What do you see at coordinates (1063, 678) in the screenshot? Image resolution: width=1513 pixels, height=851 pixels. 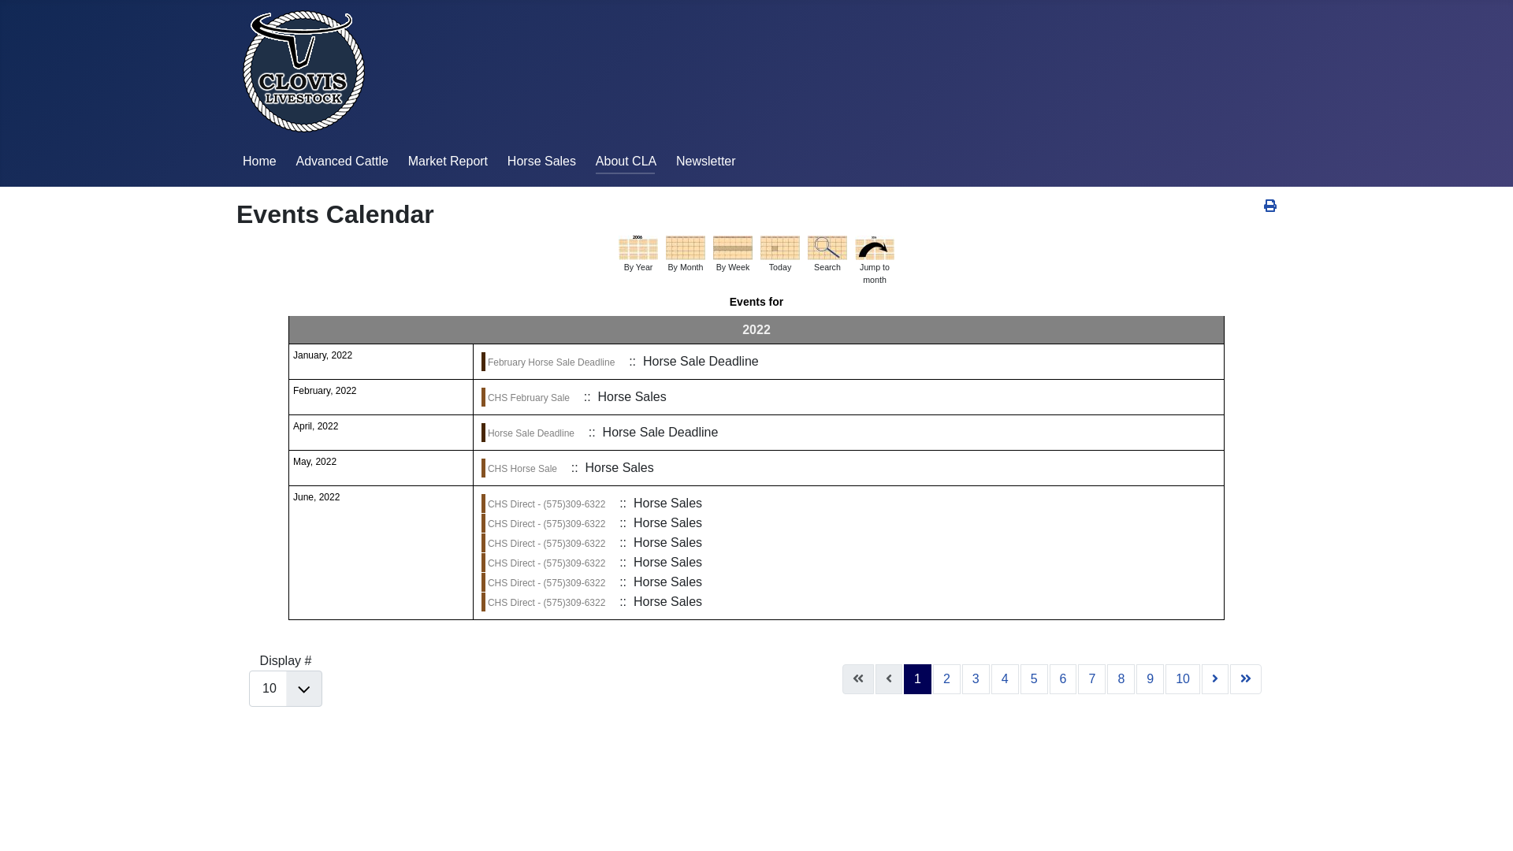 I see `'6'` at bounding box center [1063, 678].